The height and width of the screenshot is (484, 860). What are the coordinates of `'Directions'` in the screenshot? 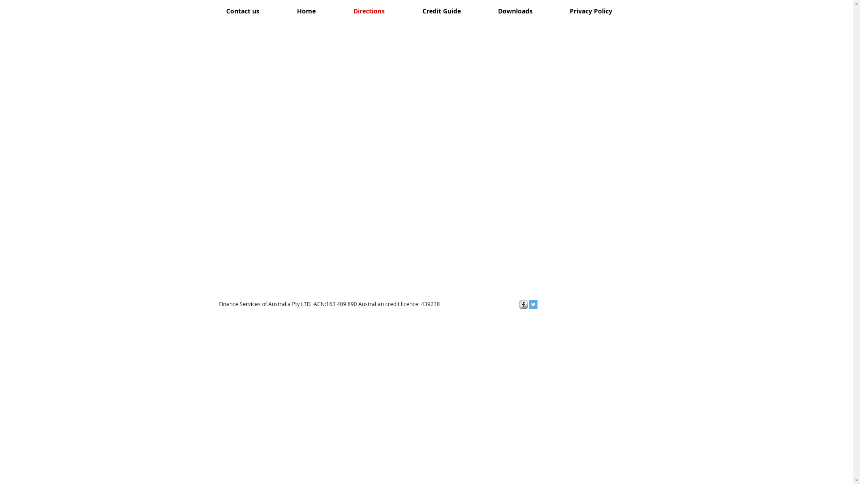 It's located at (333, 11).